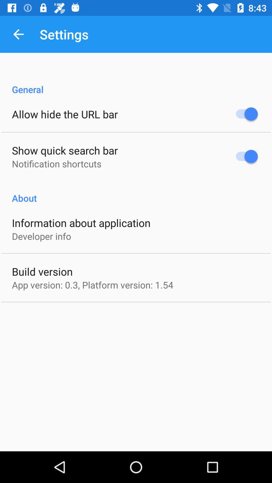  What do you see at coordinates (41, 236) in the screenshot?
I see `developer info` at bounding box center [41, 236].